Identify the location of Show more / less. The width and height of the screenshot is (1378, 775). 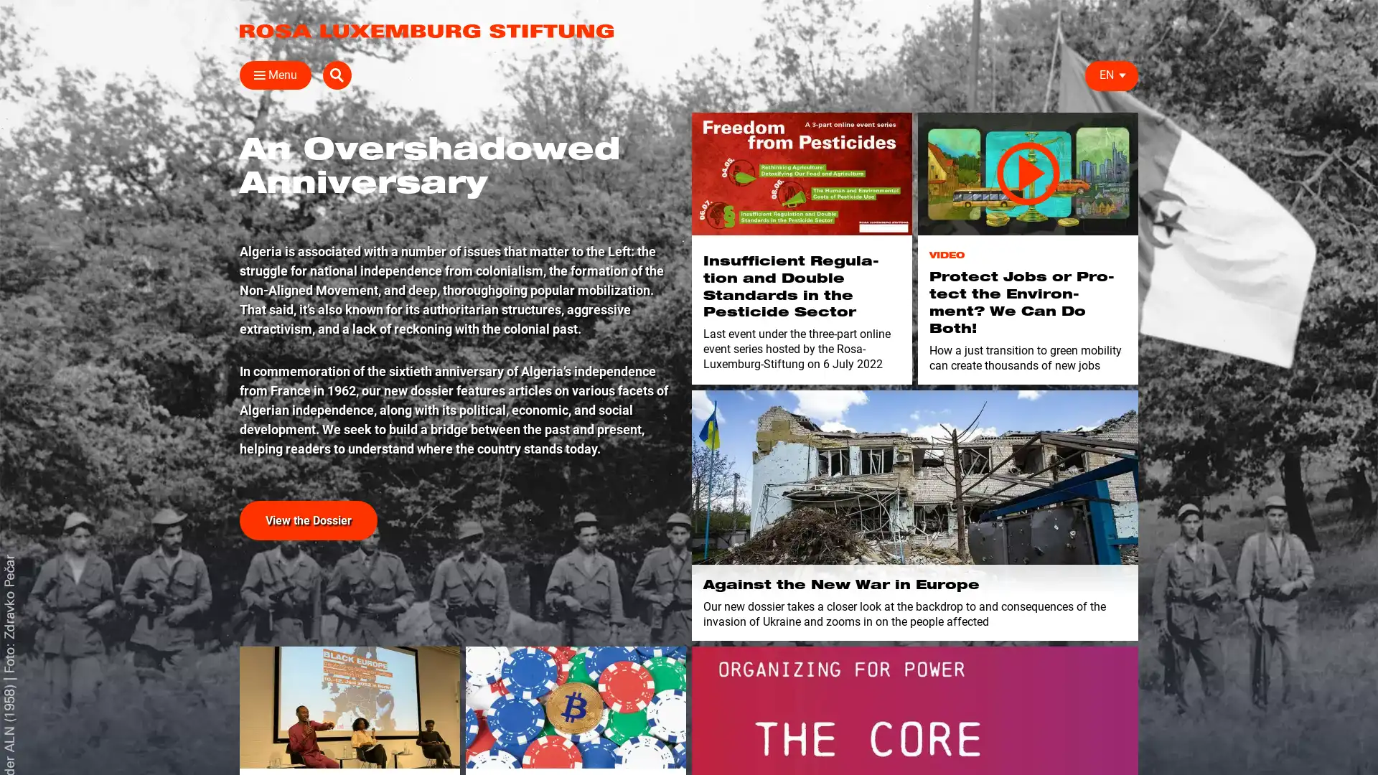
(457, 192).